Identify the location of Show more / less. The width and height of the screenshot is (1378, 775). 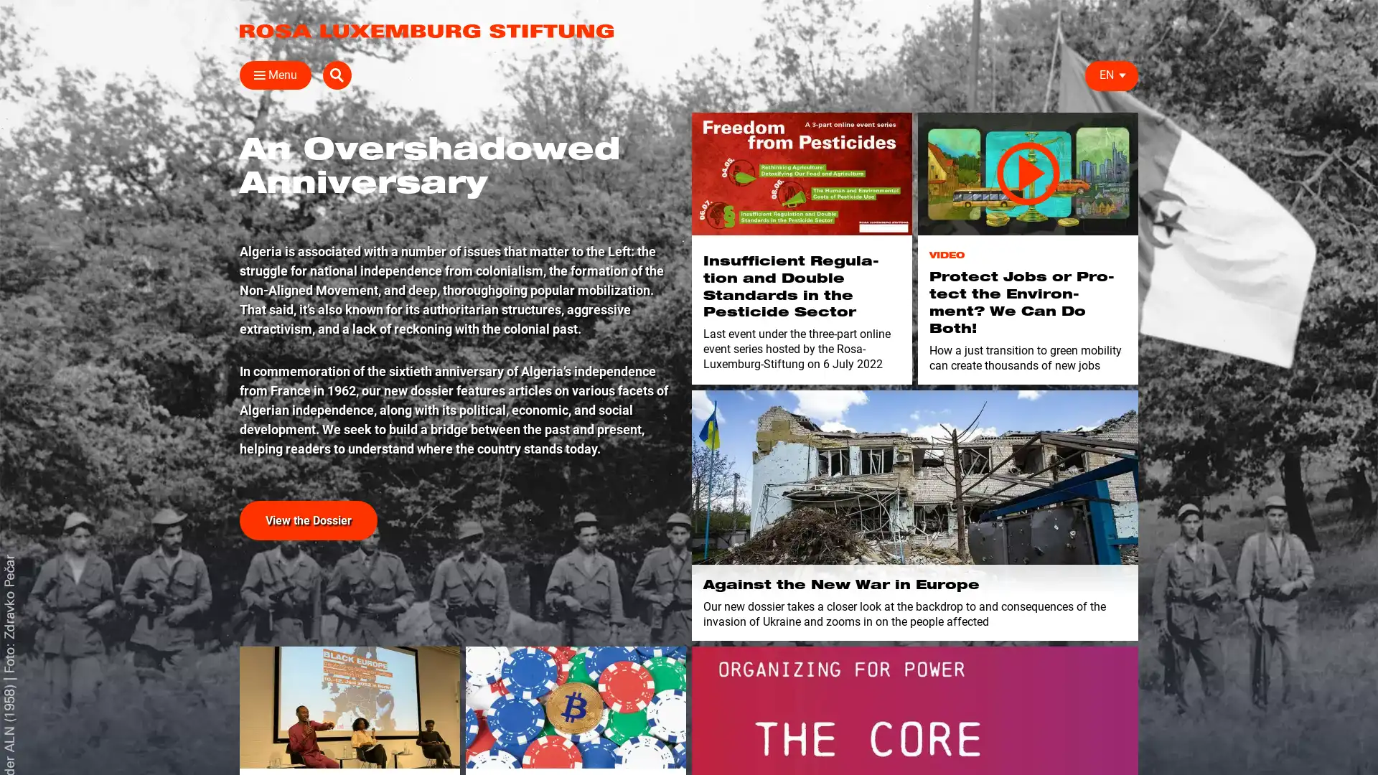
(457, 192).